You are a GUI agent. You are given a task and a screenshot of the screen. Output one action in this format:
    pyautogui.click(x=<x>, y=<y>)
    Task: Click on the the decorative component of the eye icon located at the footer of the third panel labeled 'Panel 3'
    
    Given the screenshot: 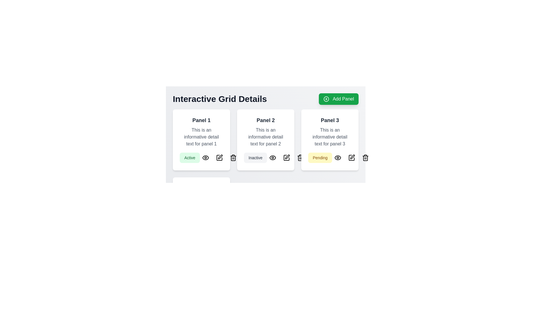 What is the action you would take?
    pyautogui.click(x=338, y=158)
    